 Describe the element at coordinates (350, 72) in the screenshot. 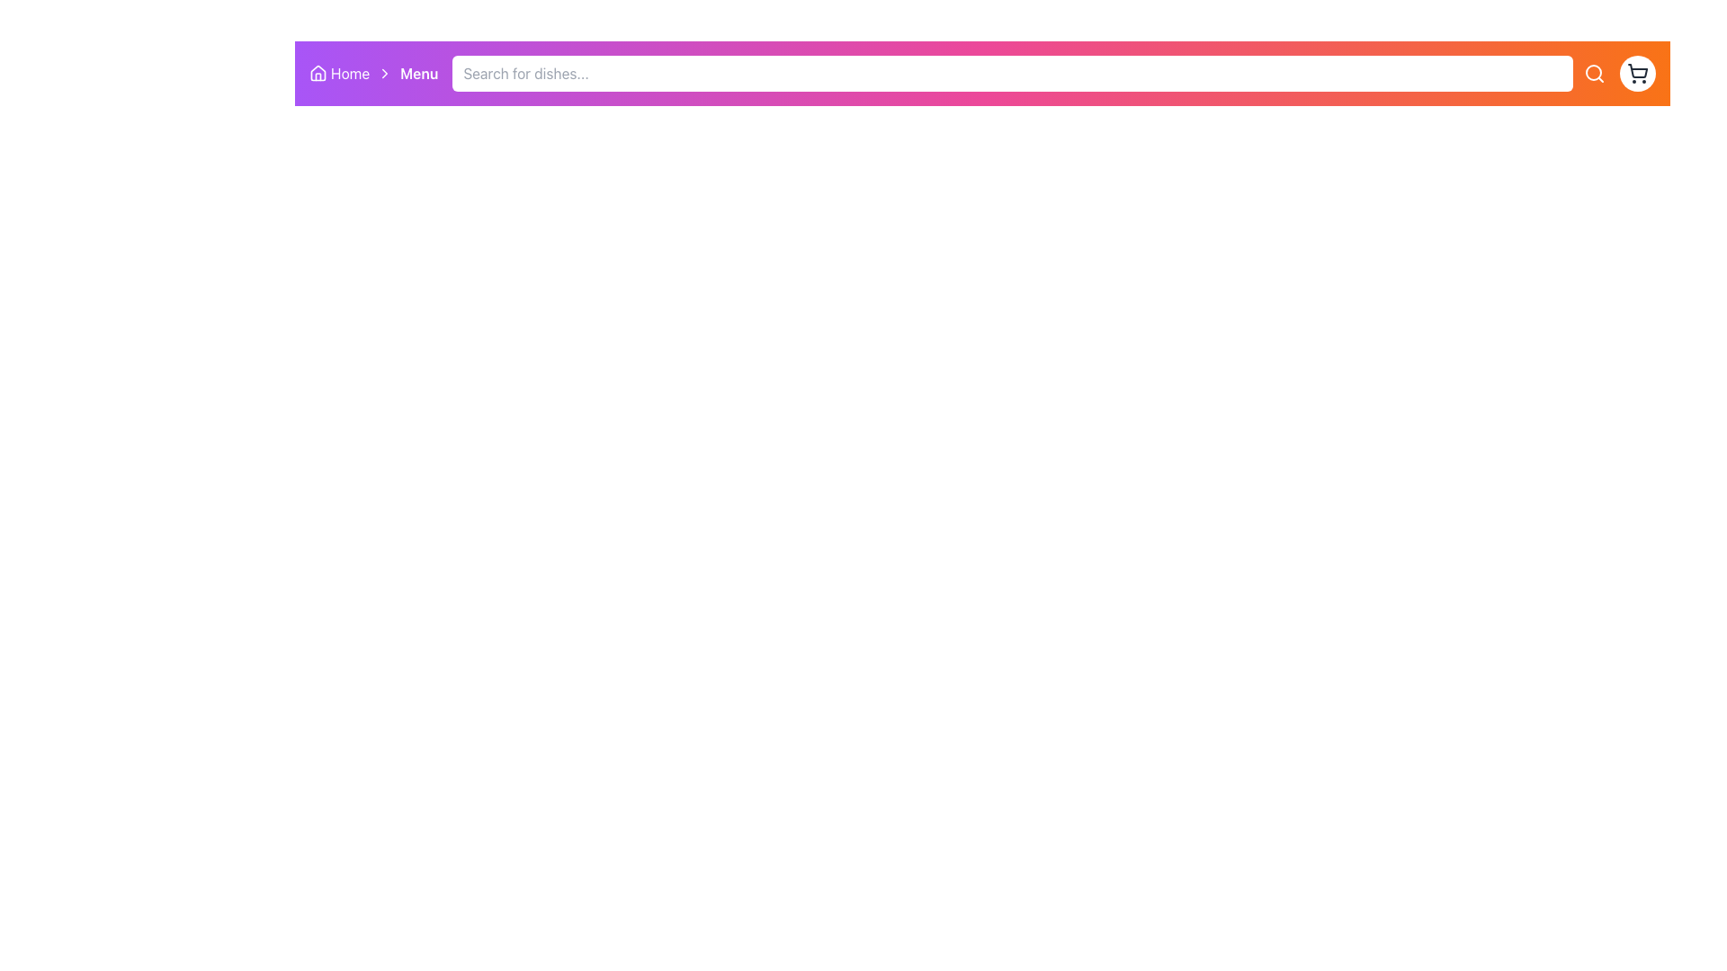

I see `the text label on the left side of the navigation bar` at that location.